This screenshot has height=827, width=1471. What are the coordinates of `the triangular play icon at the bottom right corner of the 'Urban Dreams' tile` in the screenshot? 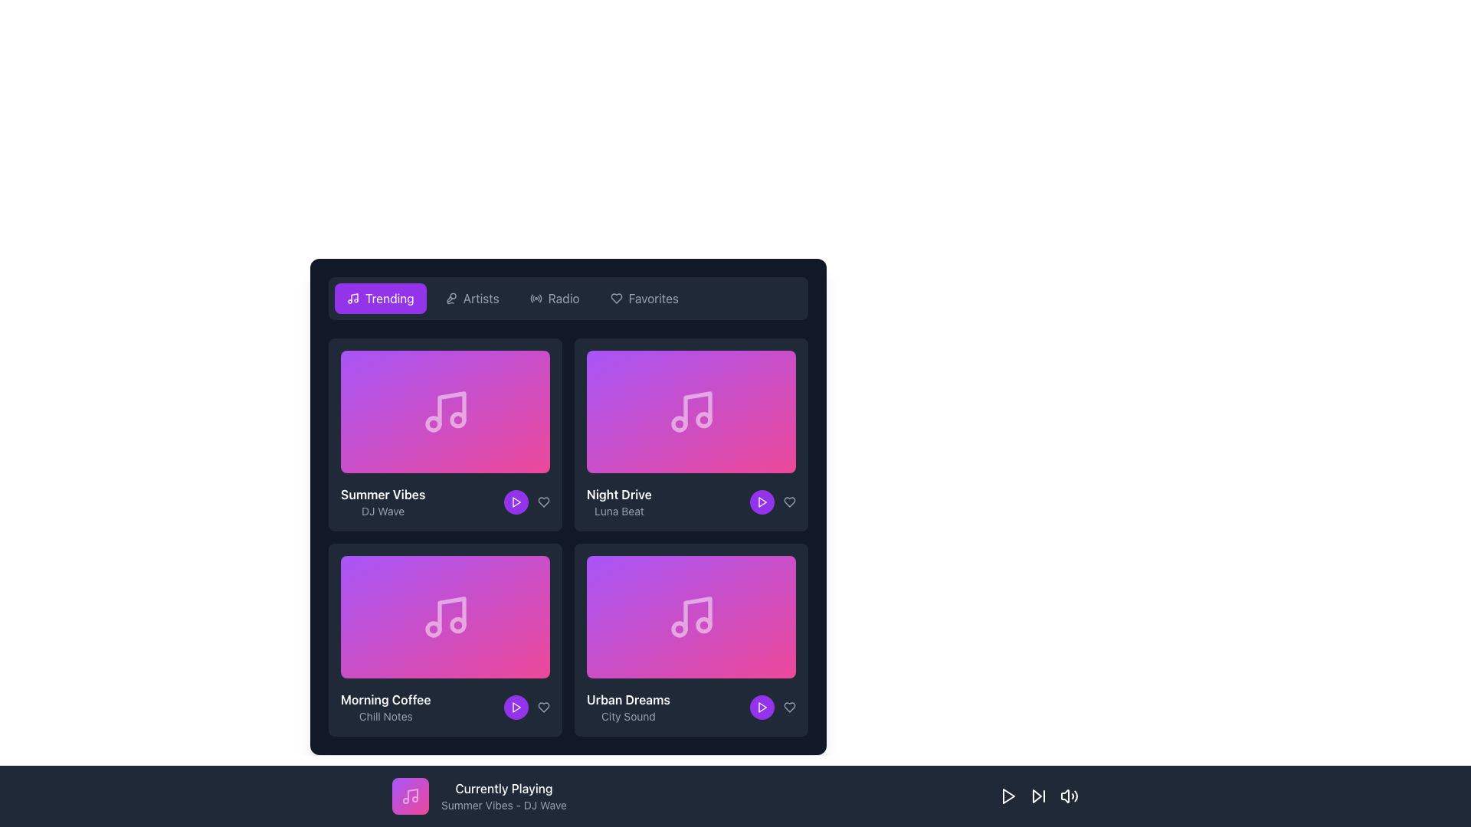 It's located at (762, 708).